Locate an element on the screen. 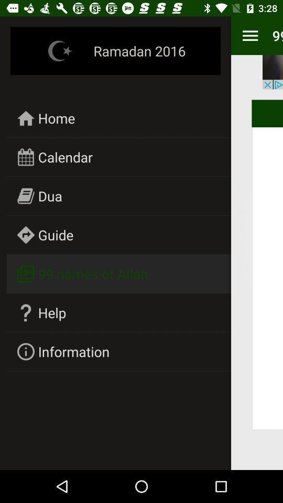 The width and height of the screenshot is (283, 503). icon above calendar icon is located at coordinates (57, 118).